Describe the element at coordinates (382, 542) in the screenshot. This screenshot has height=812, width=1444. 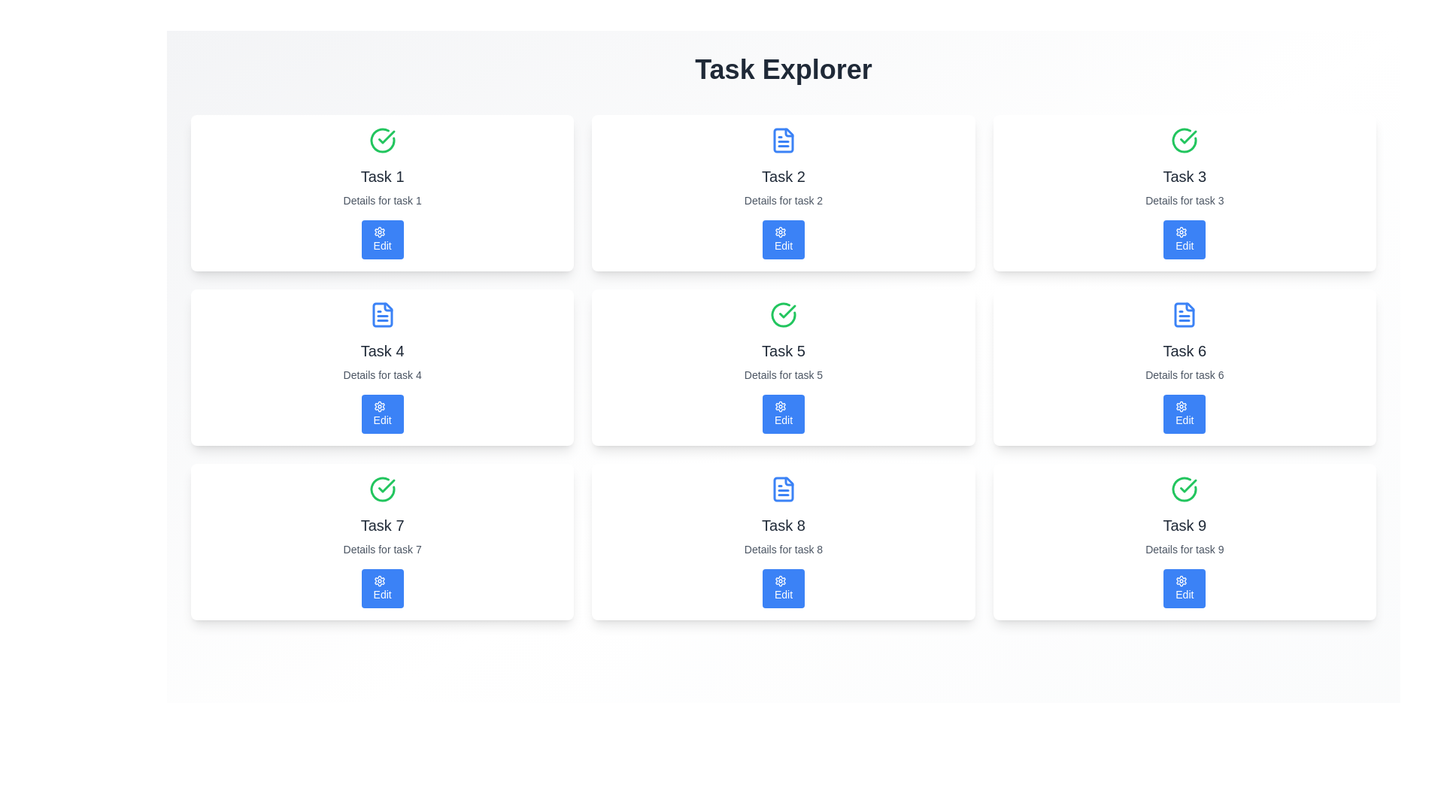
I see `the 'Edit' button on the Card component summarizing 'Task 7', located in the first column of the third row of the grid layout` at that location.